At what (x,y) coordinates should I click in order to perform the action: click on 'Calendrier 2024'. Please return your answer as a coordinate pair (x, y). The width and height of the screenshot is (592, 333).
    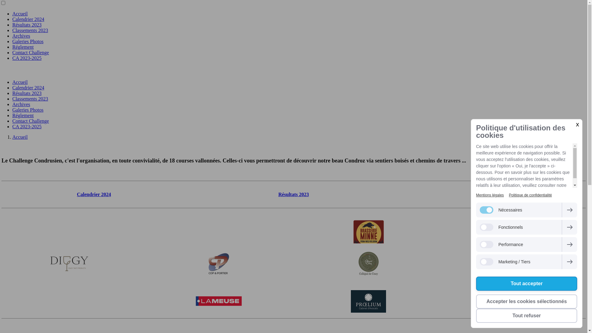
    Looking at the image, I should click on (76, 194).